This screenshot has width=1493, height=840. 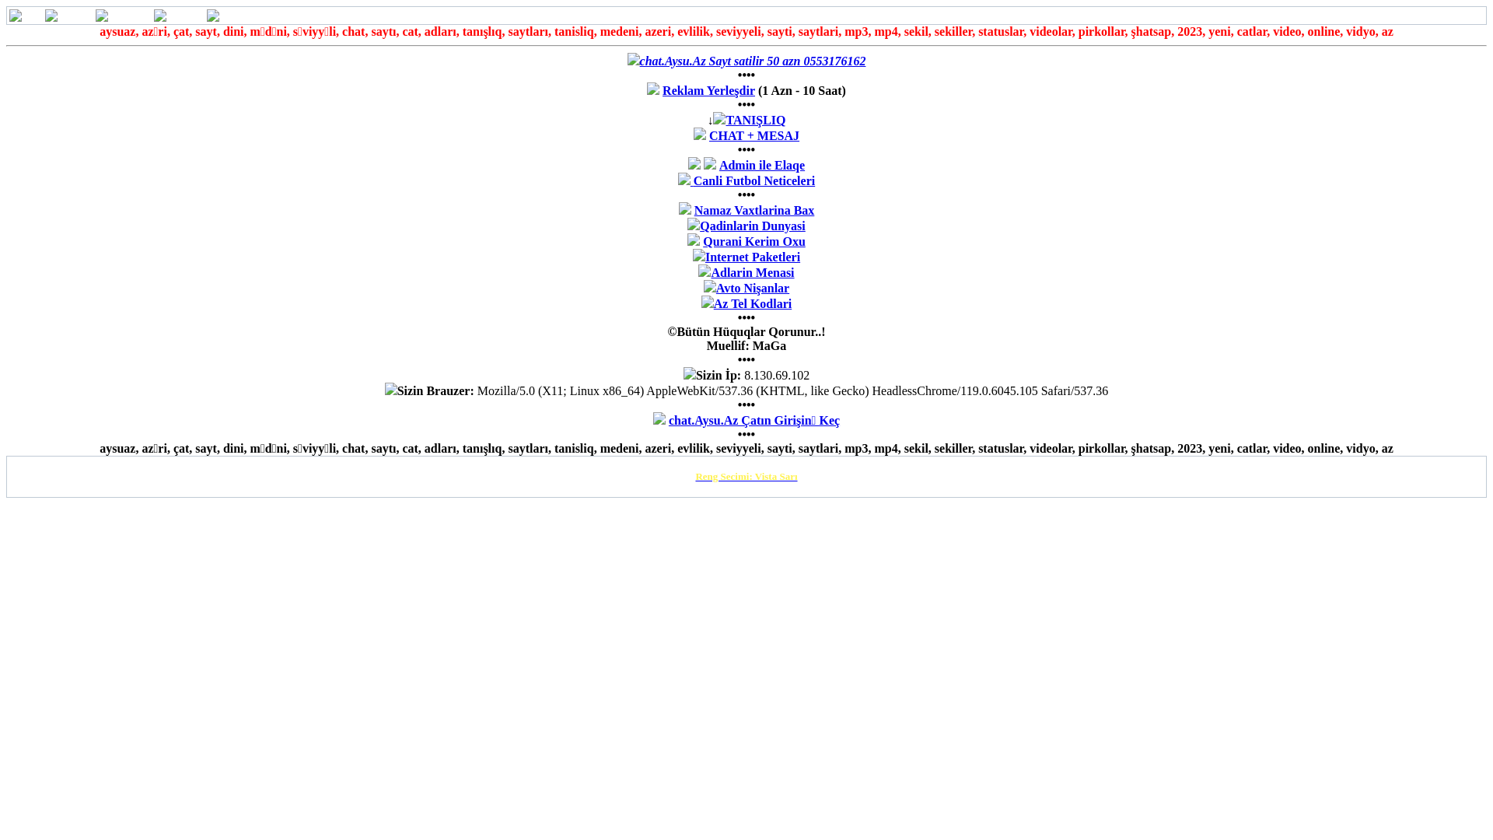 What do you see at coordinates (754, 210) in the screenshot?
I see `'Namaz Vaxtlarina Bax'` at bounding box center [754, 210].